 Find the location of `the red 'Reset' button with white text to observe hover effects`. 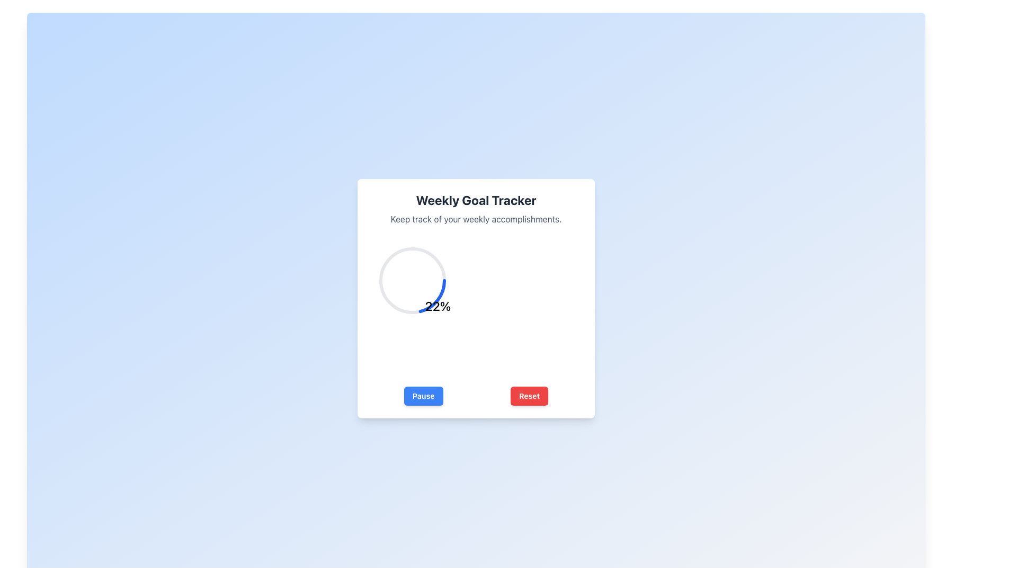

the red 'Reset' button with white text to observe hover effects is located at coordinates (529, 396).